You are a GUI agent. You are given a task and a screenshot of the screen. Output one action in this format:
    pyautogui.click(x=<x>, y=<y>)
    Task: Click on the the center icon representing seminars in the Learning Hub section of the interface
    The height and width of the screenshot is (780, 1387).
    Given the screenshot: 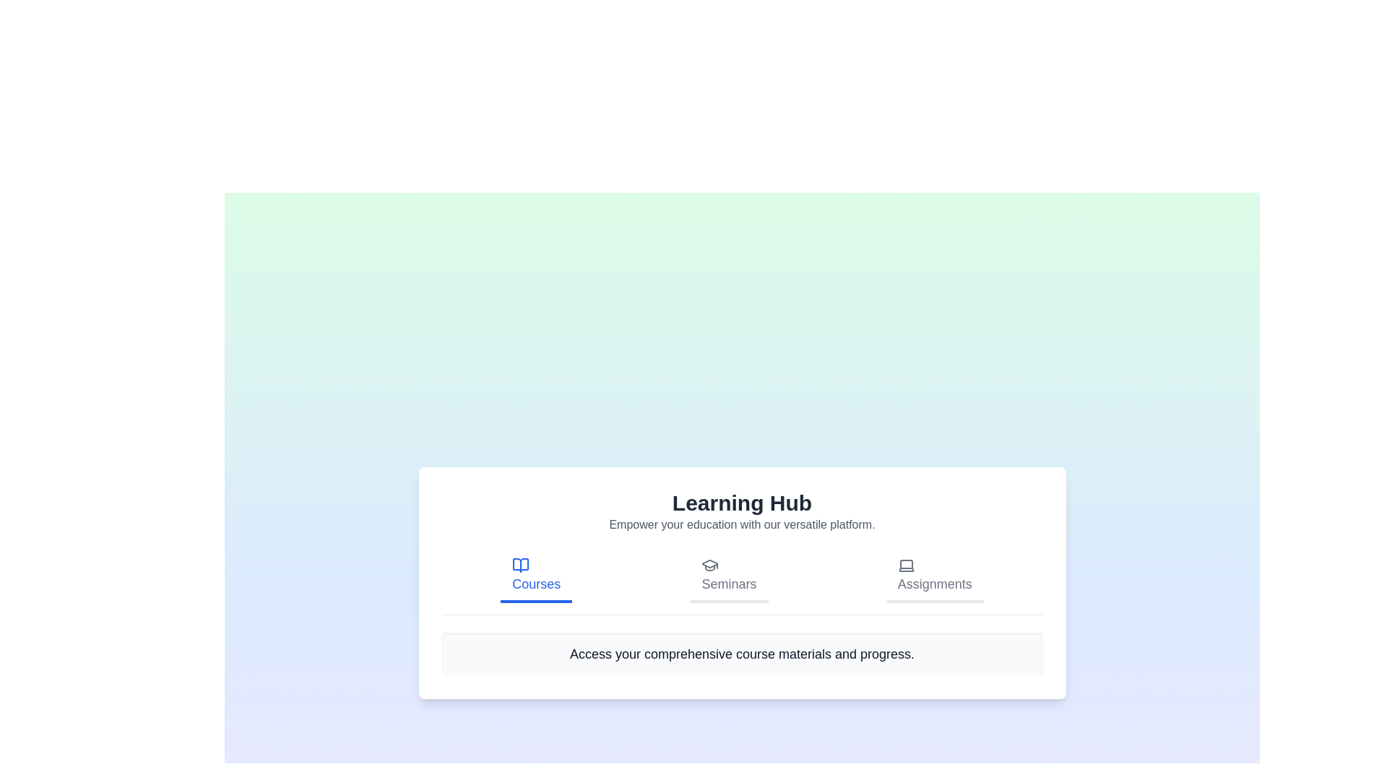 What is the action you would take?
    pyautogui.click(x=710, y=563)
    